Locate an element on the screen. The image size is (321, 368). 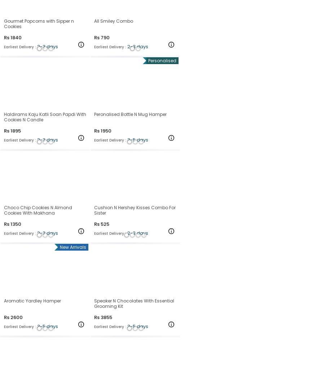
'Speaker N Chocolates With Essential Grooming Kit' is located at coordinates (94, 303).